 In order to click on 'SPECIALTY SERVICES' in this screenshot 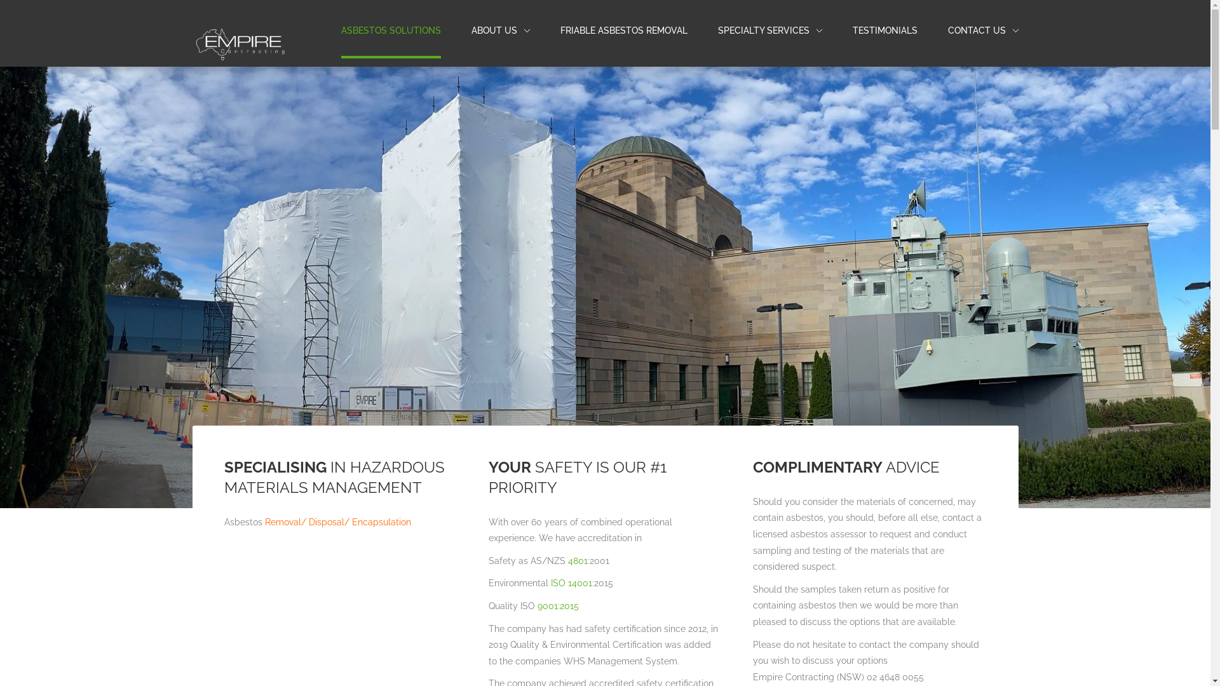, I will do `click(762, 29)`.